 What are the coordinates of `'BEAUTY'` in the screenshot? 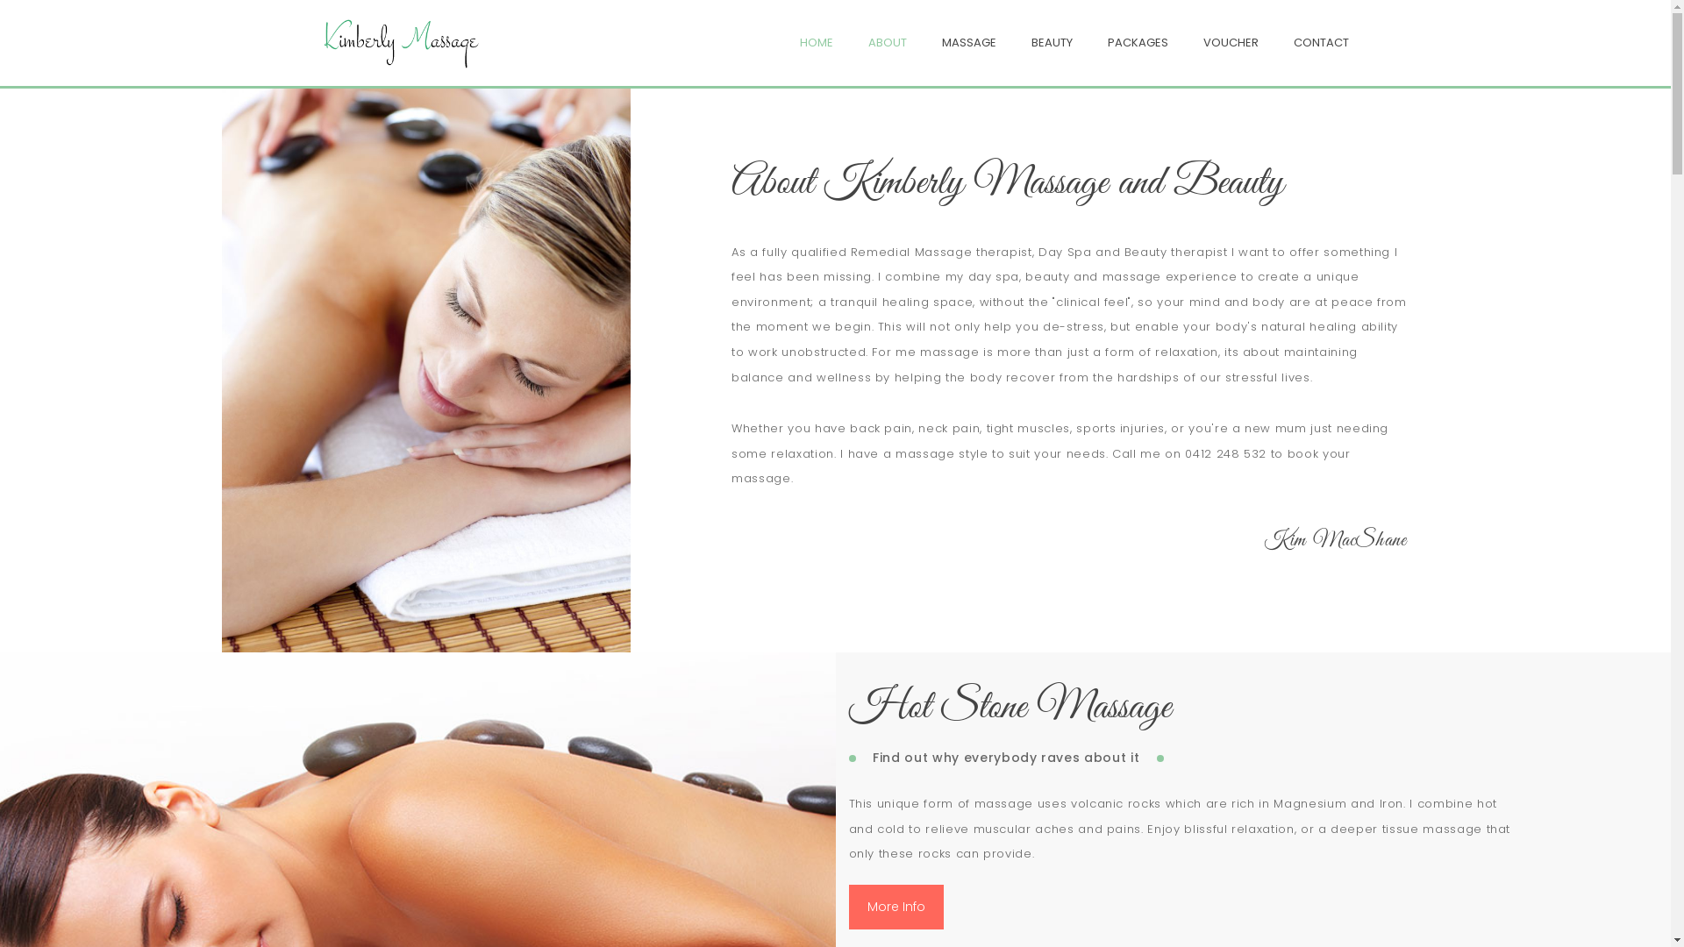 It's located at (1031, 41).